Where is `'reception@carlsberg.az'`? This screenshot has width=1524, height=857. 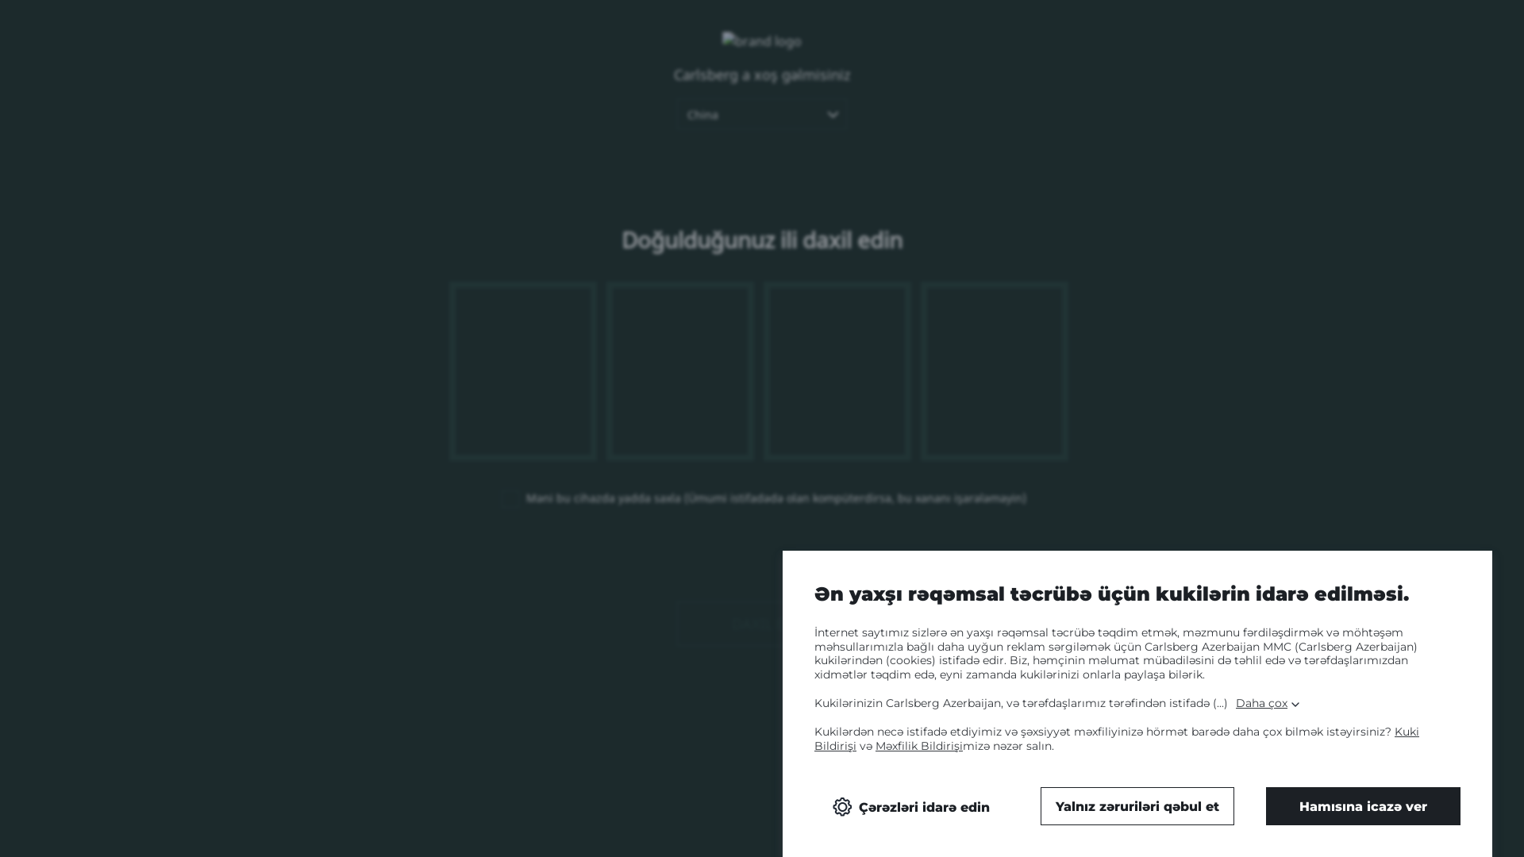 'reception@carlsberg.az' is located at coordinates (705, 737).